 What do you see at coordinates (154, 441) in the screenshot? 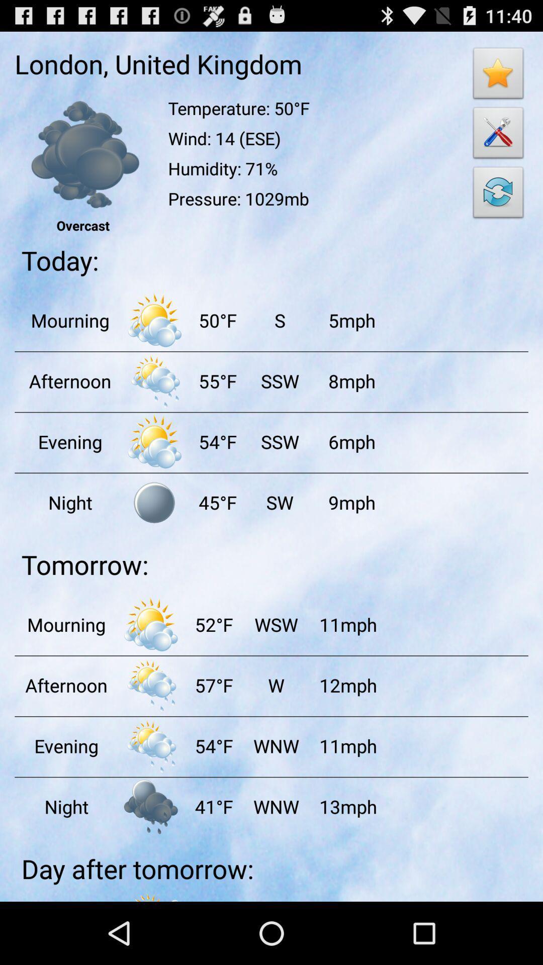
I see `evening will be partly cloudly` at bounding box center [154, 441].